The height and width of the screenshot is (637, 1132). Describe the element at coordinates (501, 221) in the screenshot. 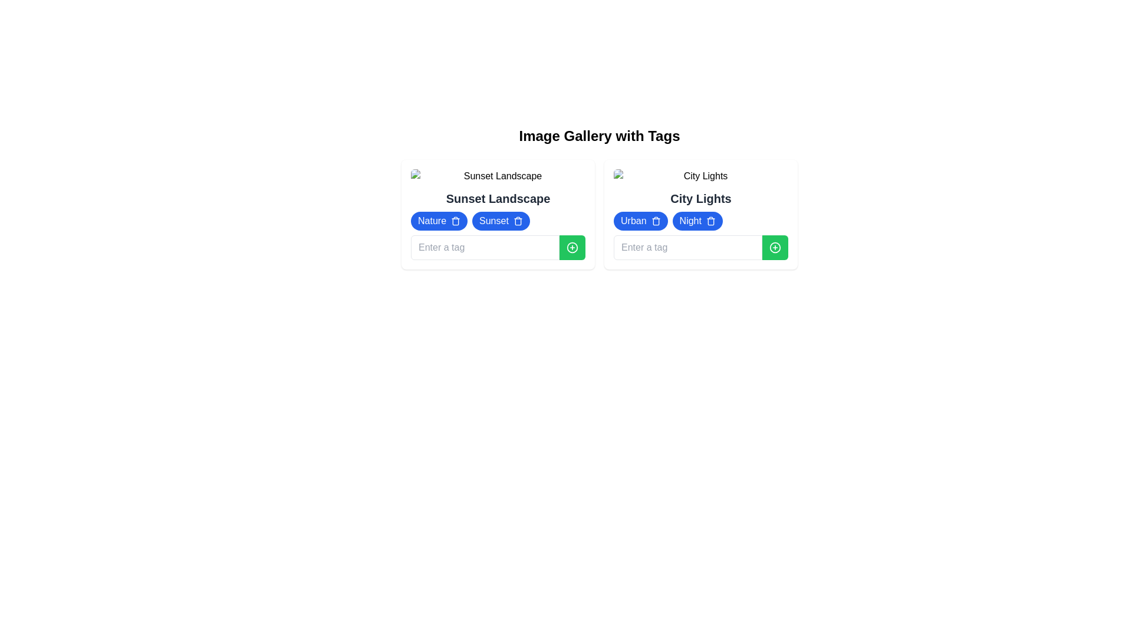

I see `the trash icon on the 'Sunset' button` at that location.